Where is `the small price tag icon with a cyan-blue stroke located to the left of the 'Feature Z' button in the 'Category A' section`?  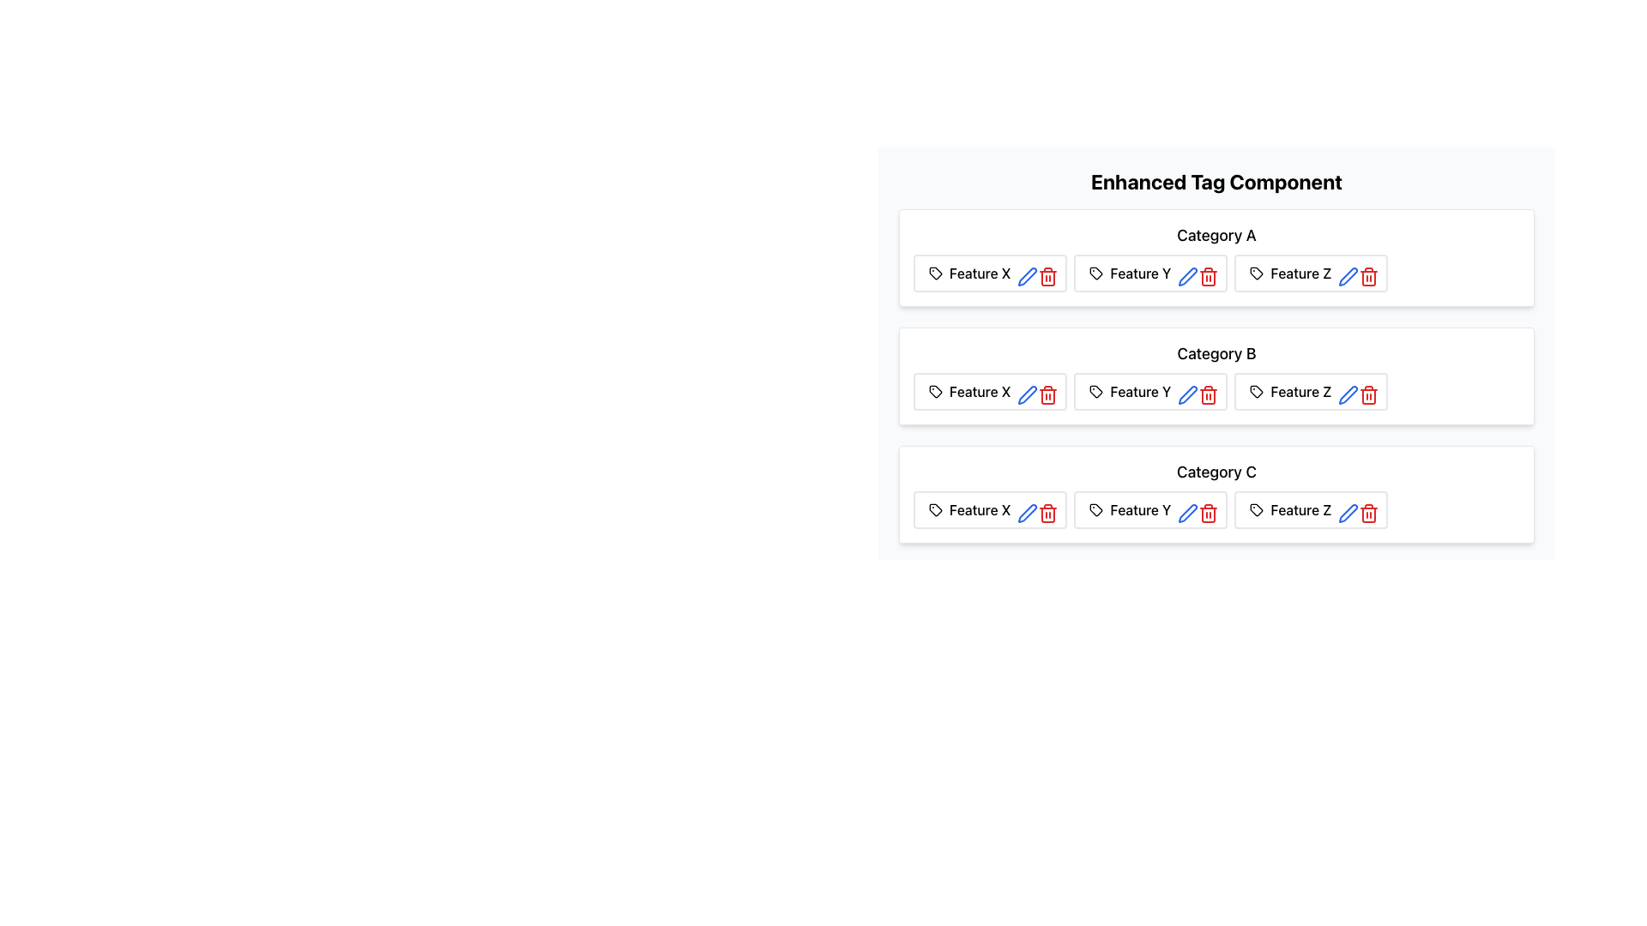 the small price tag icon with a cyan-blue stroke located to the left of the 'Feature Z' button in the 'Category A' section is located at coordinates (1257, 508).